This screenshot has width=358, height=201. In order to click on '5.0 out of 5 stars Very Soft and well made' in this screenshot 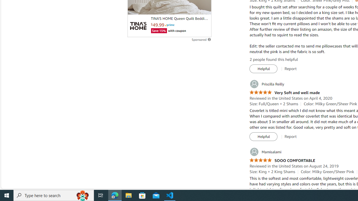, I will do `click(285, 92)`.